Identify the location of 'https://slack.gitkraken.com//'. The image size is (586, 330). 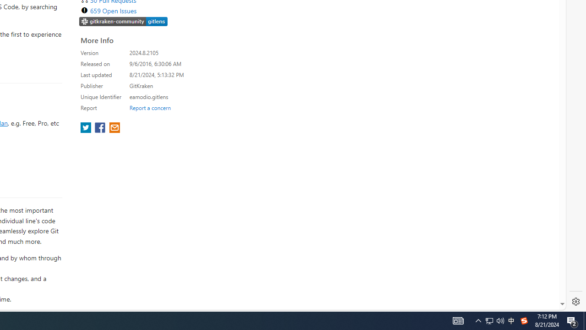
(123, 21).